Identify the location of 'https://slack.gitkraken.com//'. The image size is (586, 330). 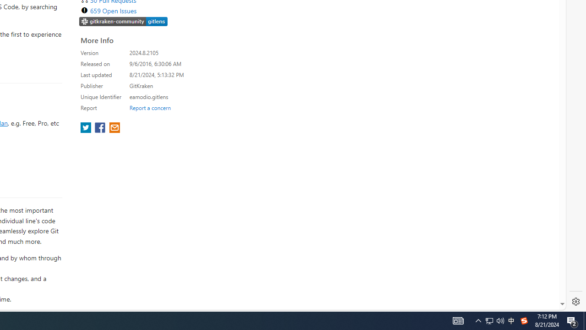
(123, 21).